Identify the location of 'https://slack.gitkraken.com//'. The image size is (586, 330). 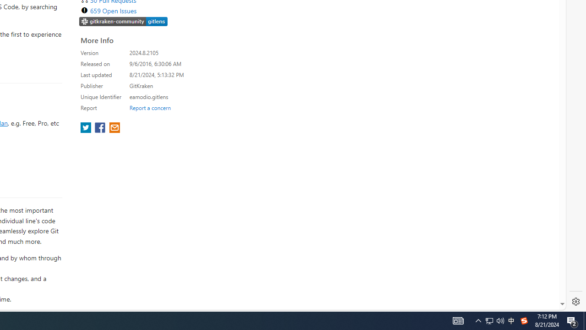
(123, 21).